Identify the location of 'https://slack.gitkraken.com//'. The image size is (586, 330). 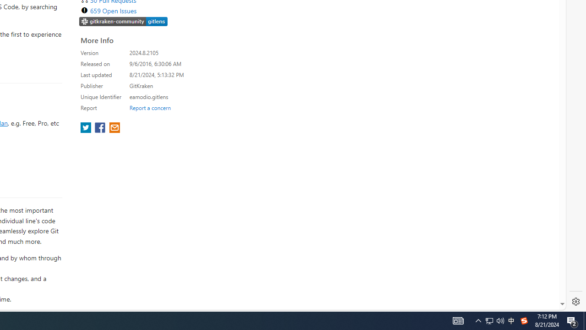
(123, 21).